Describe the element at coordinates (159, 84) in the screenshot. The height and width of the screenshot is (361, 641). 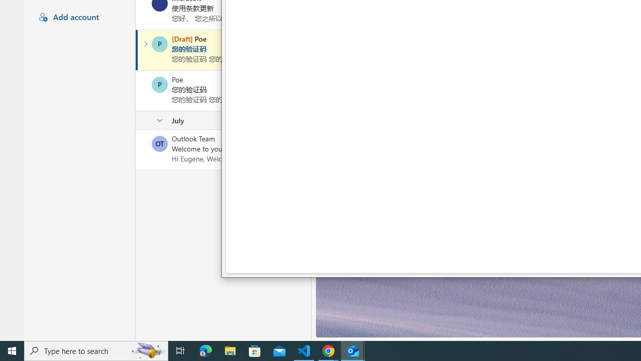
I see `'Poe'` at that location.